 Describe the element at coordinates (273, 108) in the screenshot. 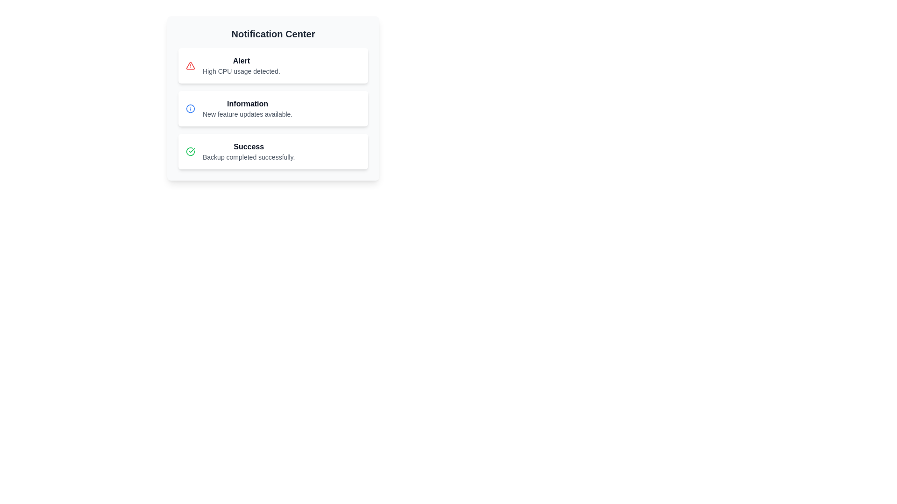

I see `the Notification card that communicates updates about new features, which is the second card in a vertical list of three cards in the notification area` at that location.